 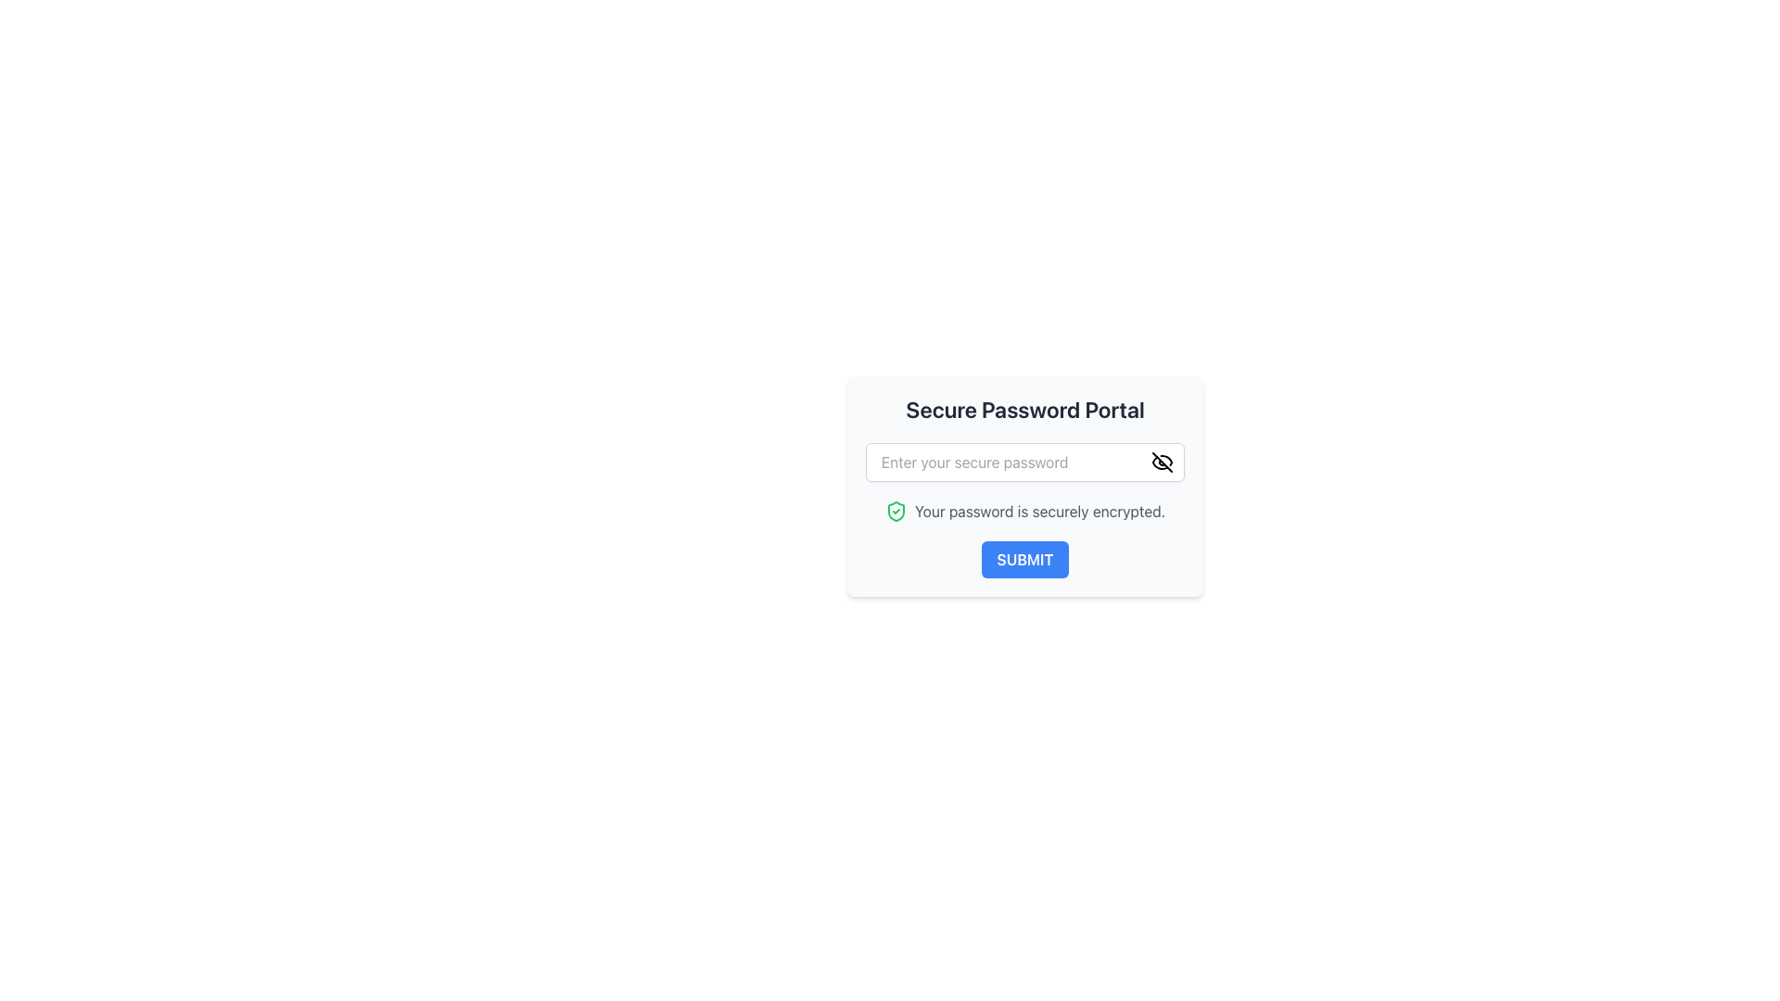 I want to click on the rectangular 'SUBMIT' button with a blue background and white text, so click(x=1023, y=559).